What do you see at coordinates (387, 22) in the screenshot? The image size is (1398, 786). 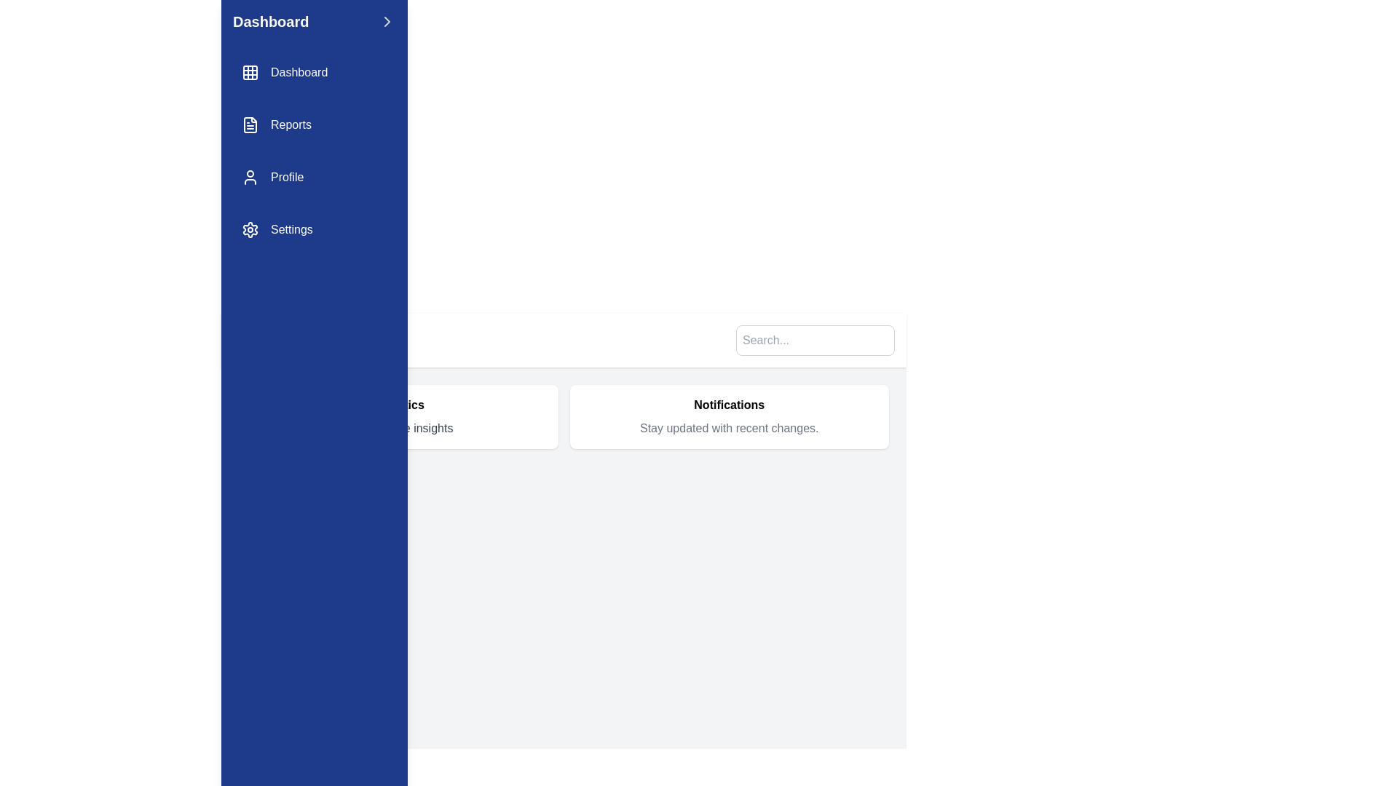 I see `the small, left-pointing chevron-shaped icon located adjacent to the 'Dashboard' text in the upper-right corner of the sidebar header section` at bounding box center [387, 22].